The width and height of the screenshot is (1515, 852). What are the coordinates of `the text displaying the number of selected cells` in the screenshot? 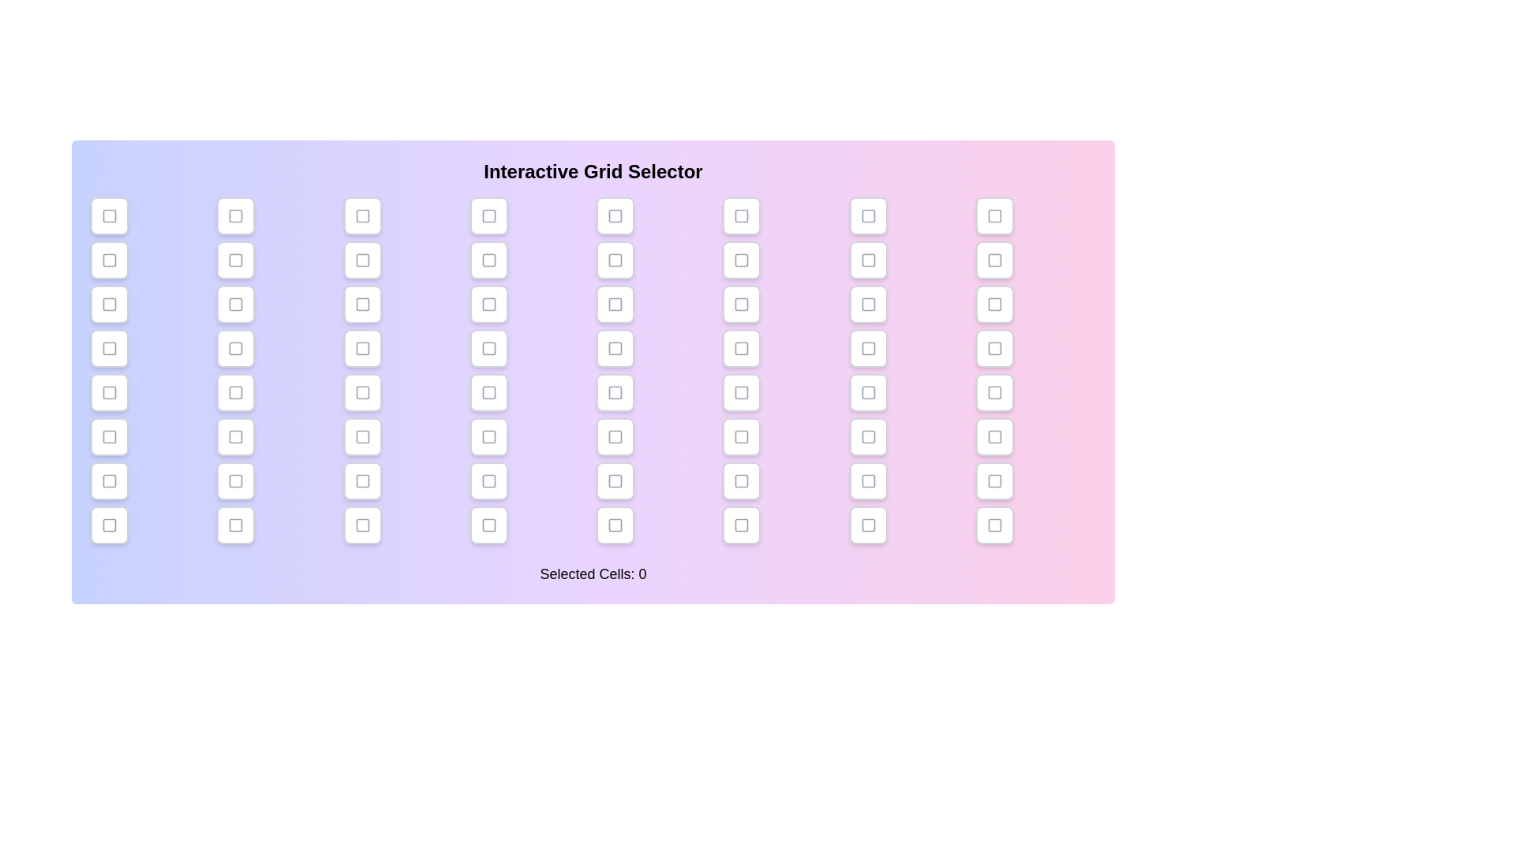 It's located at (593, 574).